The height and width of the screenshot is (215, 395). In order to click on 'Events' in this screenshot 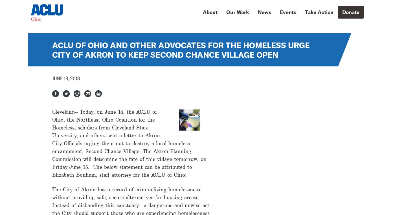, I will do `click(288, 12)`.